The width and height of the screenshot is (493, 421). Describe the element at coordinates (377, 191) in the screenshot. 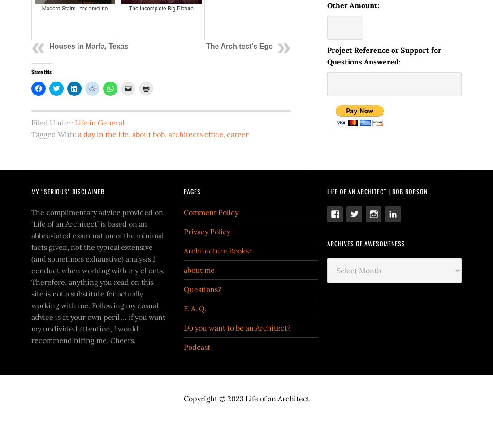

I see `'Life of an Architect | Bob Borson'` at that location.